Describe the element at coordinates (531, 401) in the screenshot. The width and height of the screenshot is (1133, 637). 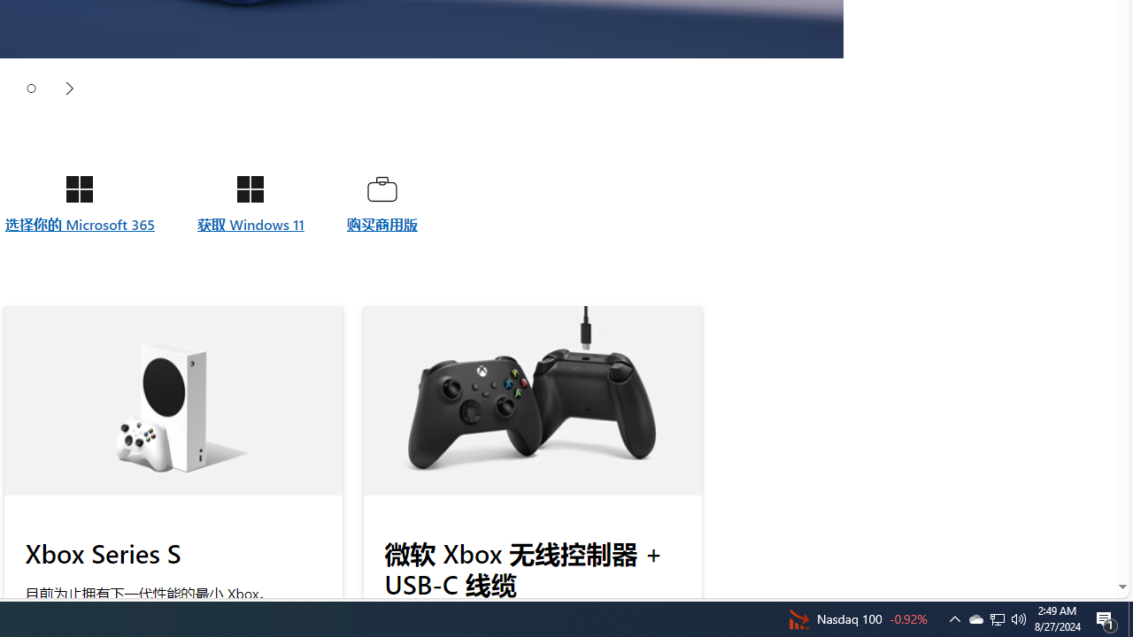
I see `'A pair of Xbox Wireless Controllers with USB-C Cable.'` at that location.